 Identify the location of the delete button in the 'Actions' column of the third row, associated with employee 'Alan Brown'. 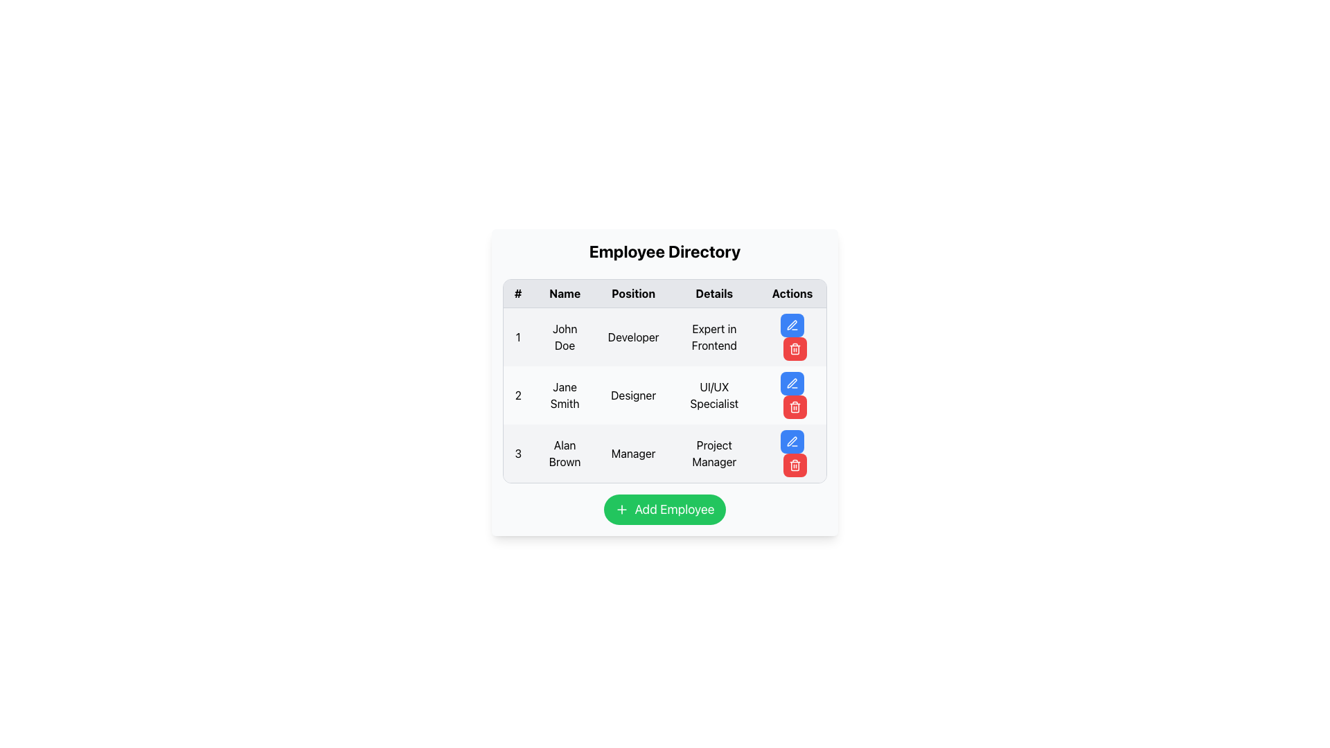
(795, 348).